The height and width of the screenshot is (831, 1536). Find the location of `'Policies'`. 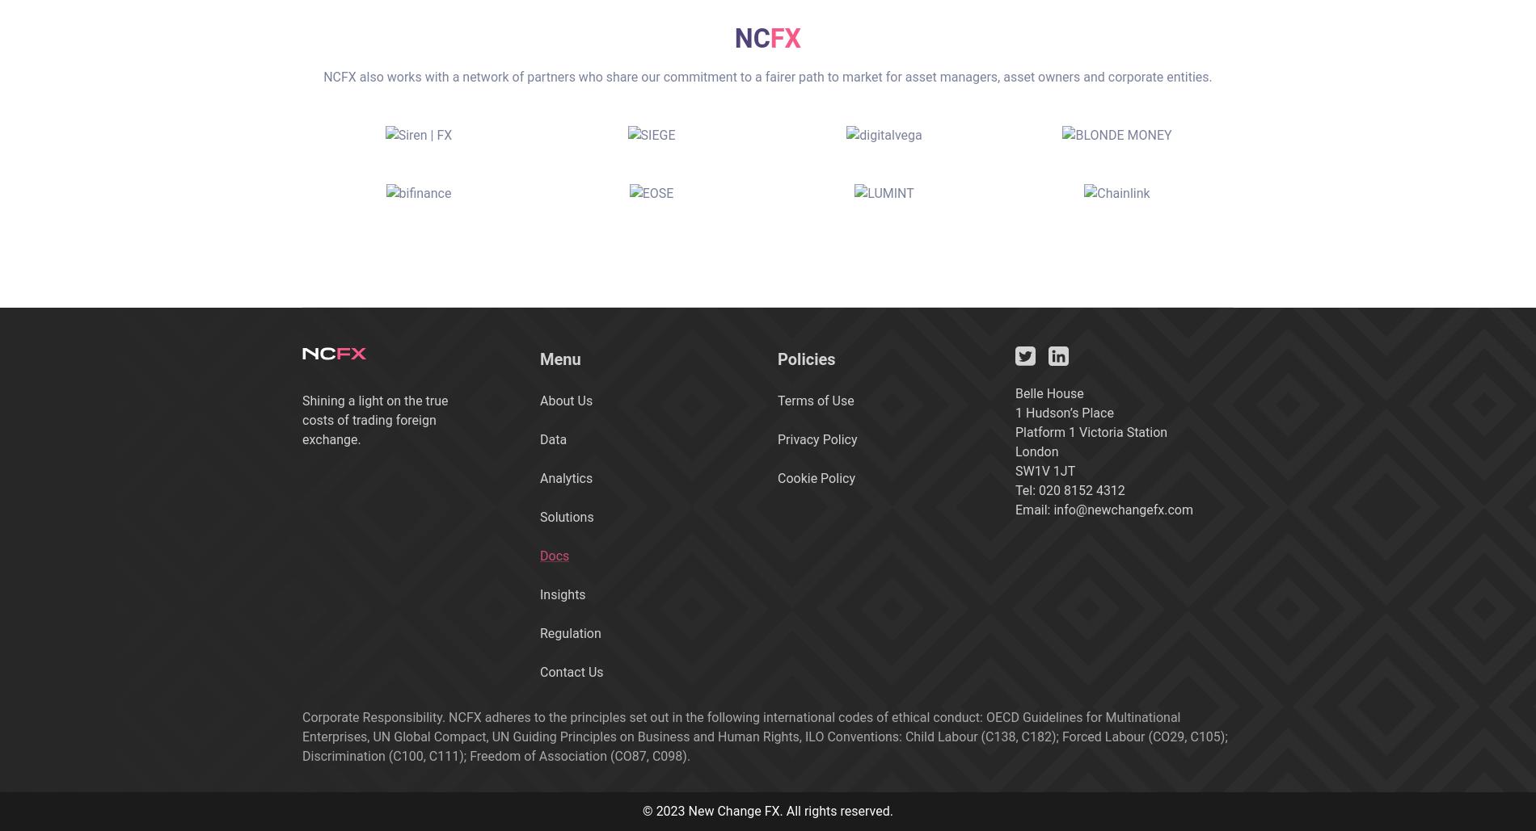

'Policies' is located at coordinates (806, 359).